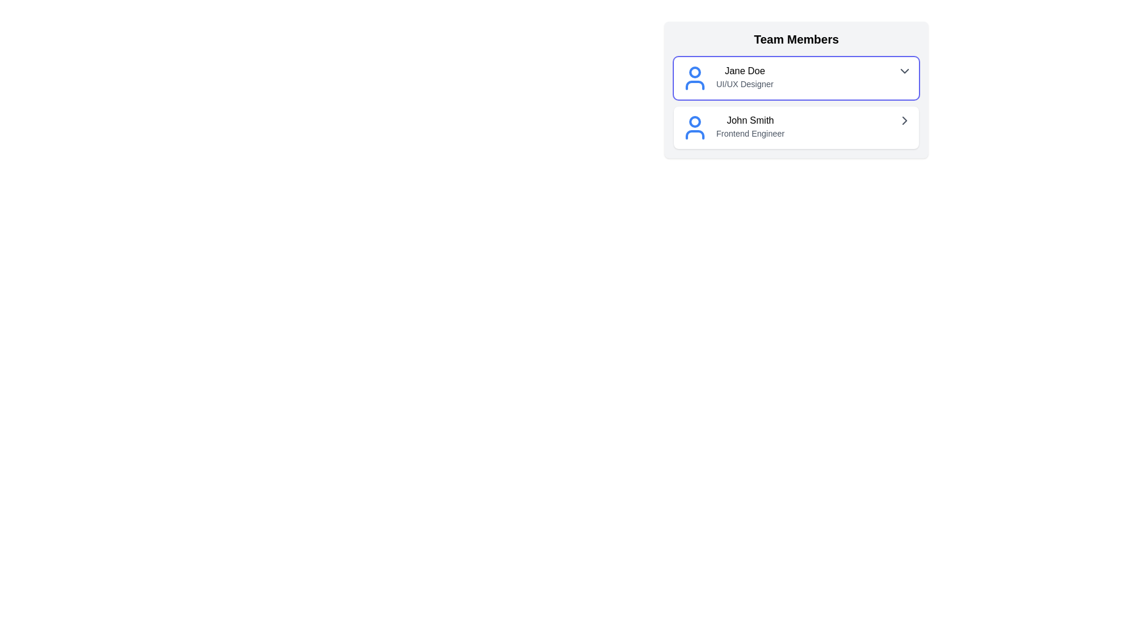  I want to click on the icon located in the right-side content of the second team member's entry, which is aligned with the text 'John Smith' and 'Frontend Engineer', so click(904, 120).